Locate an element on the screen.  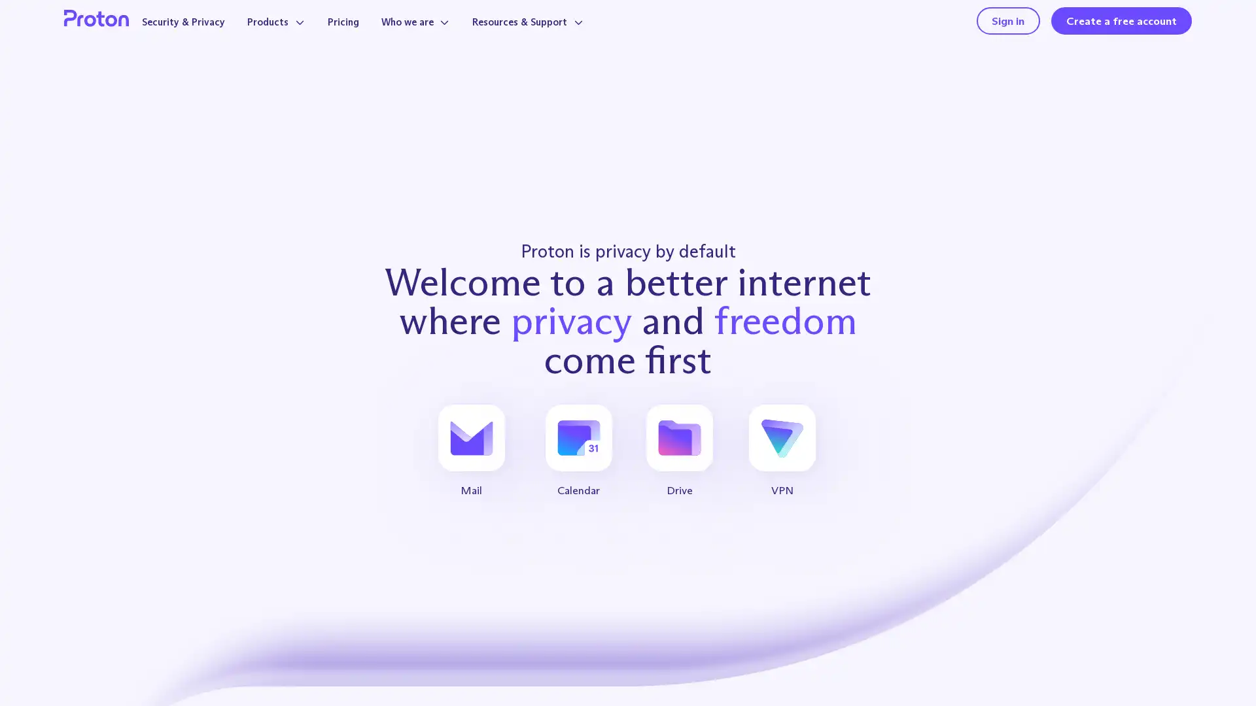
Products is located at coordinates (296, 33).